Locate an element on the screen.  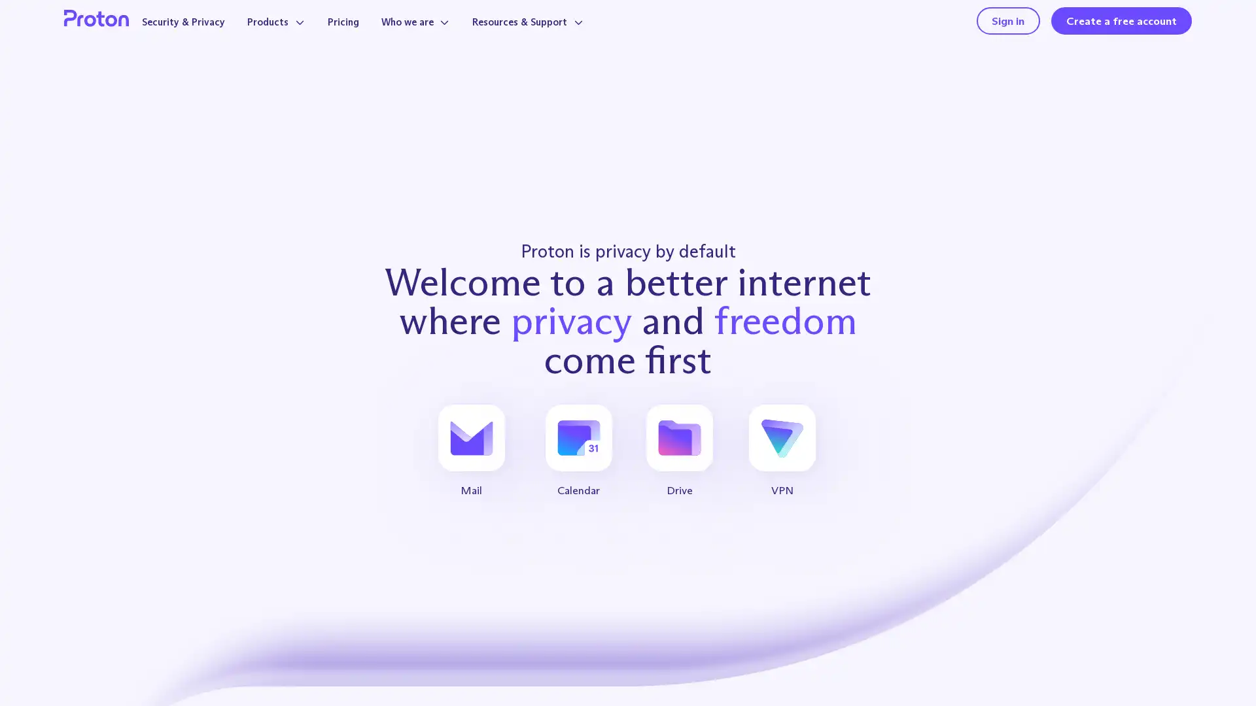
Products is located at coordinates (296, 33).